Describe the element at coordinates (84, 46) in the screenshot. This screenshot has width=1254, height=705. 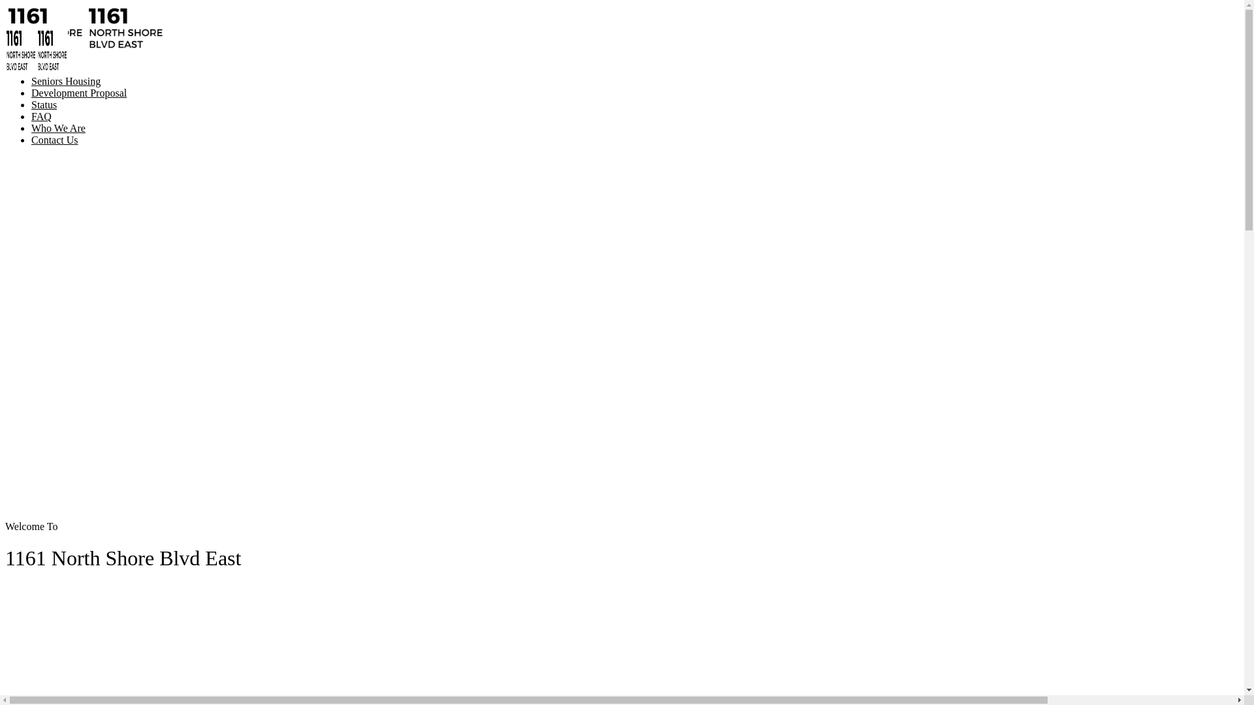
I see `'1161 North Shore Blvd East | Burlington, Ontario'` at that location.